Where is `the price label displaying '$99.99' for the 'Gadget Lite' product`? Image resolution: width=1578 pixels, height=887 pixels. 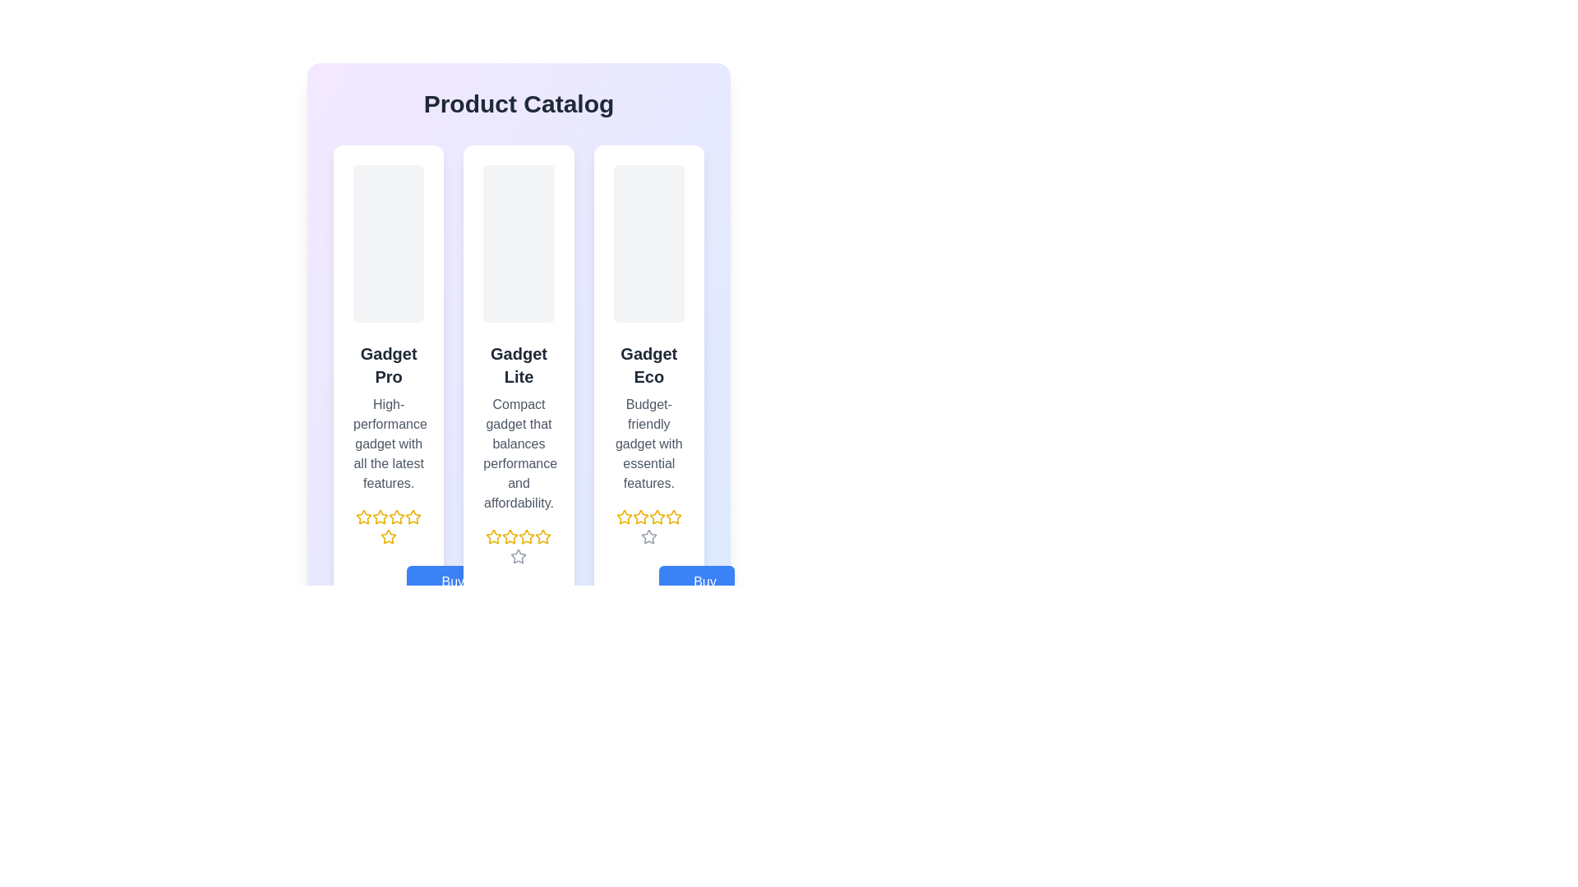
the price label displaying '$99.99' for the 'Gadget Lite' product is located at coordinates (505, 611).